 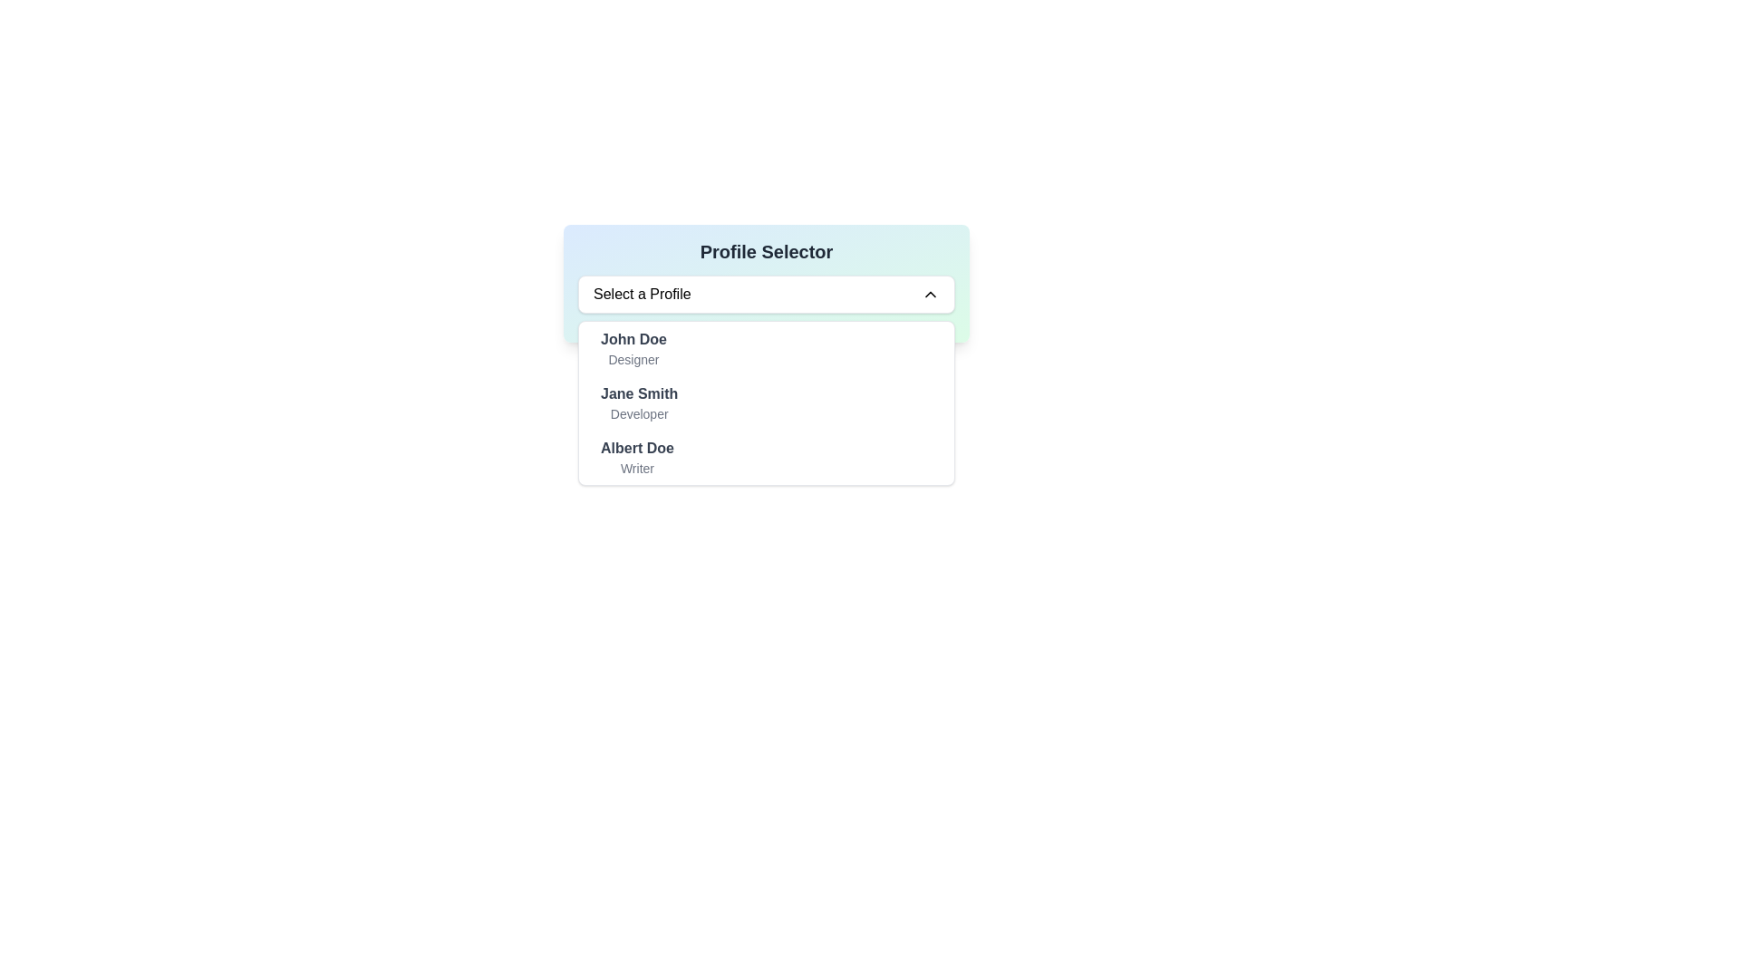 What do you see at coordinates (639, 413) in the screenshot?
I see `the static text label displaying 'Developer' in gray color, which is positioned below 'Jane Smith' in the dropdown menu` at bounding box center [639, 413].